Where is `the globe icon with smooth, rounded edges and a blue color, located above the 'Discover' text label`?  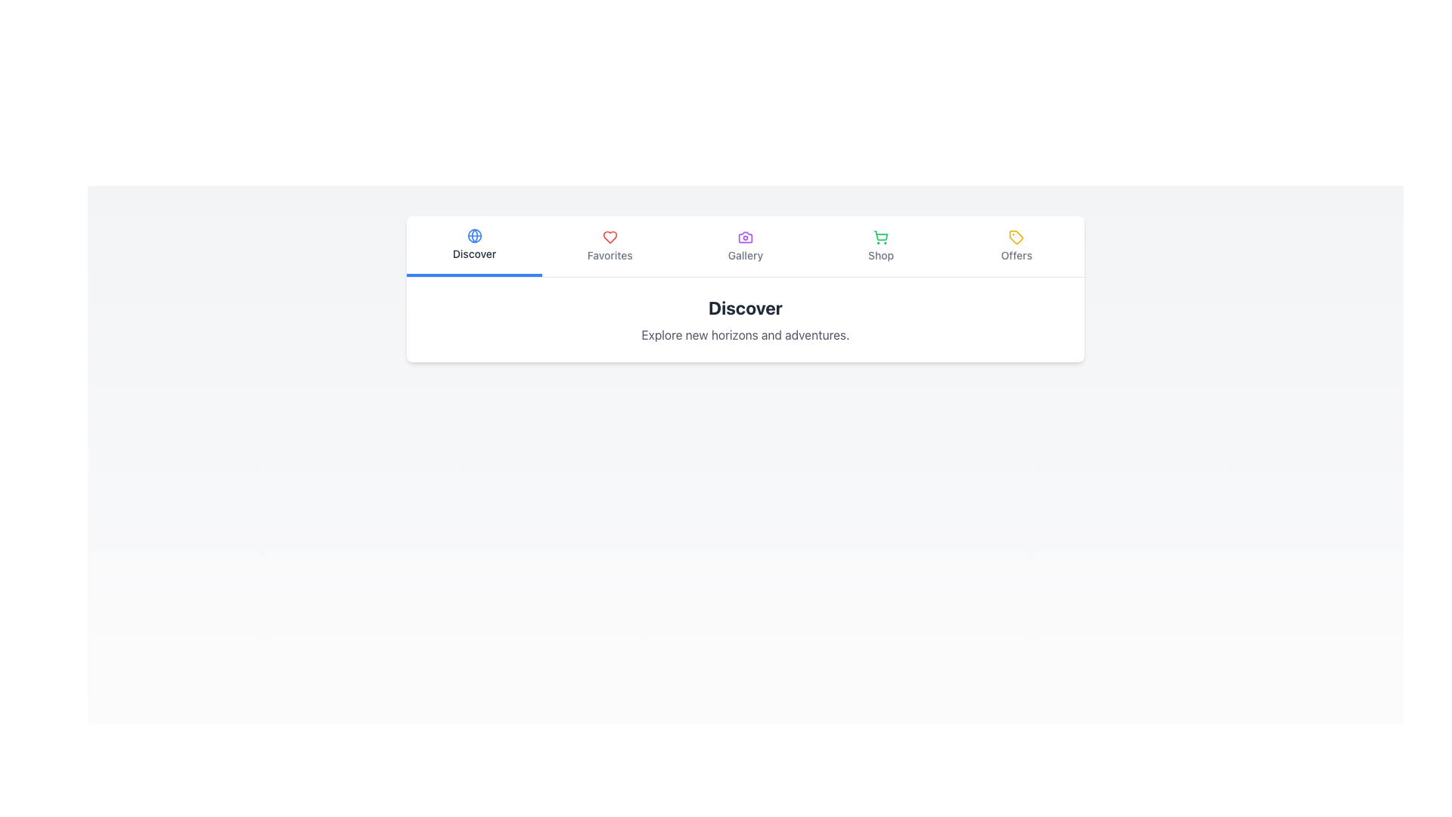
the globe icon with smooth, rounded edges and a blue color, located above the 'Discover' text label is located at coordinates (473, 236).